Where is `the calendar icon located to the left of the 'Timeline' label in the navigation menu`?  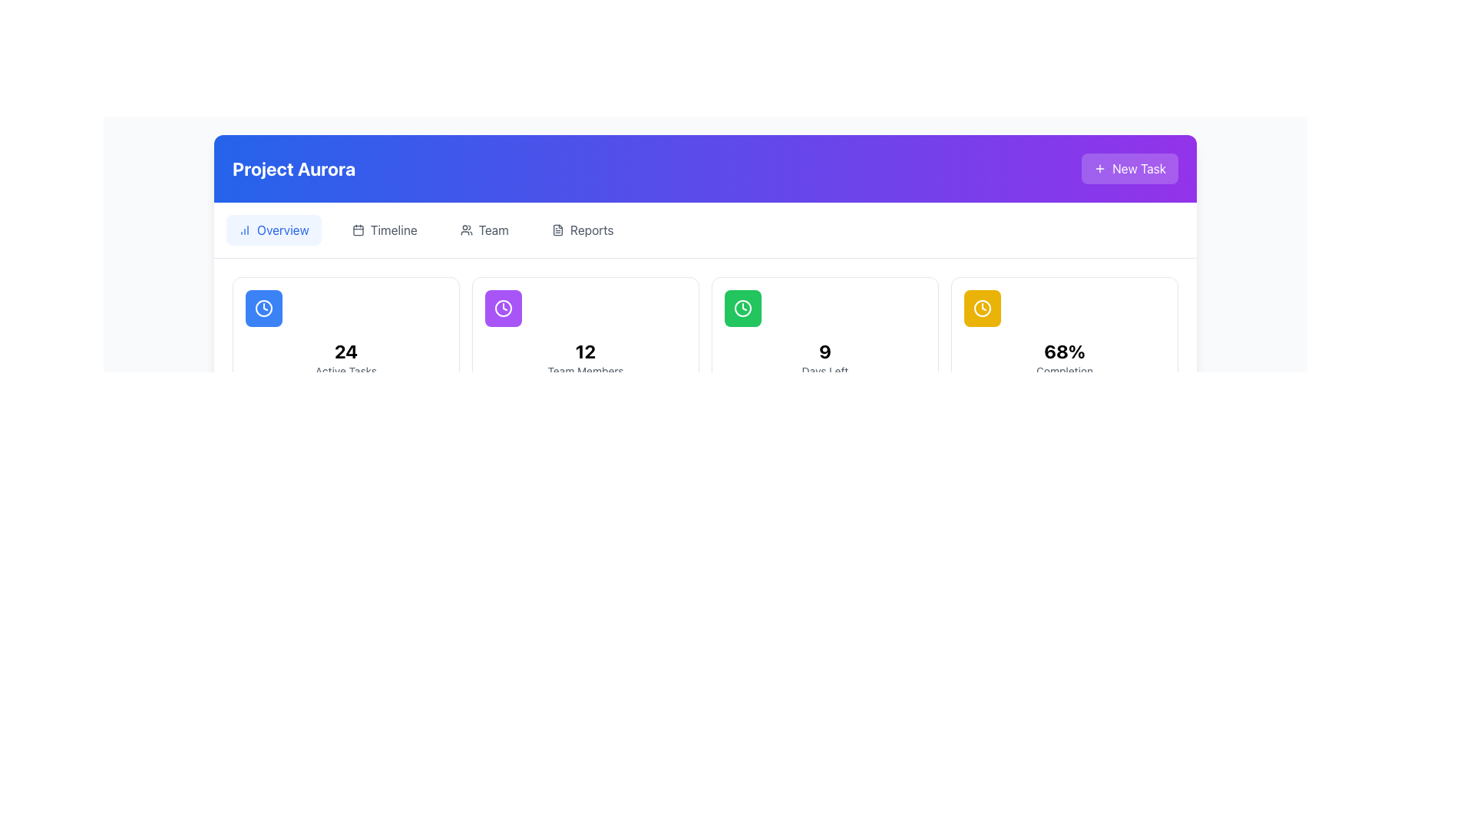
the calendar icon located to the left of the 'Timeline' label in the navigation menu is located at coordinates (357, 230).